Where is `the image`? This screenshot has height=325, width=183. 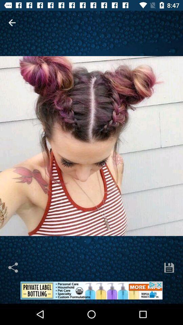
the image is located at coordinates (91, 146).